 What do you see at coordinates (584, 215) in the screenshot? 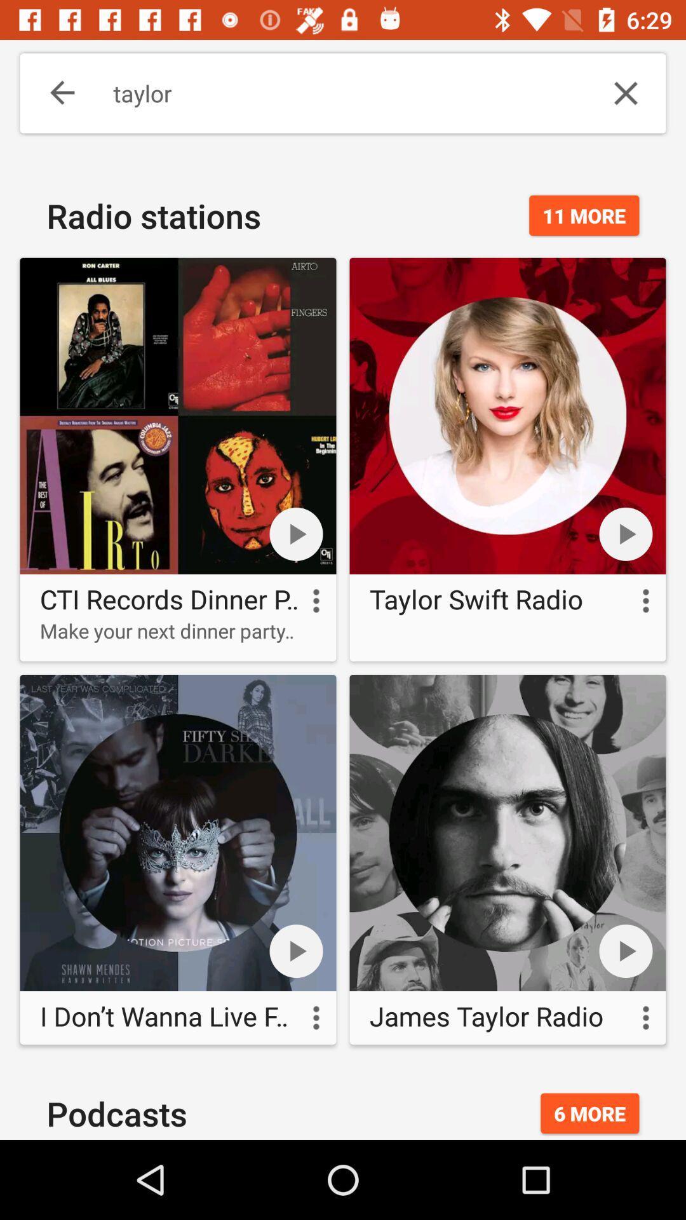
I see `11 more item` at bounding box center [584, 215].